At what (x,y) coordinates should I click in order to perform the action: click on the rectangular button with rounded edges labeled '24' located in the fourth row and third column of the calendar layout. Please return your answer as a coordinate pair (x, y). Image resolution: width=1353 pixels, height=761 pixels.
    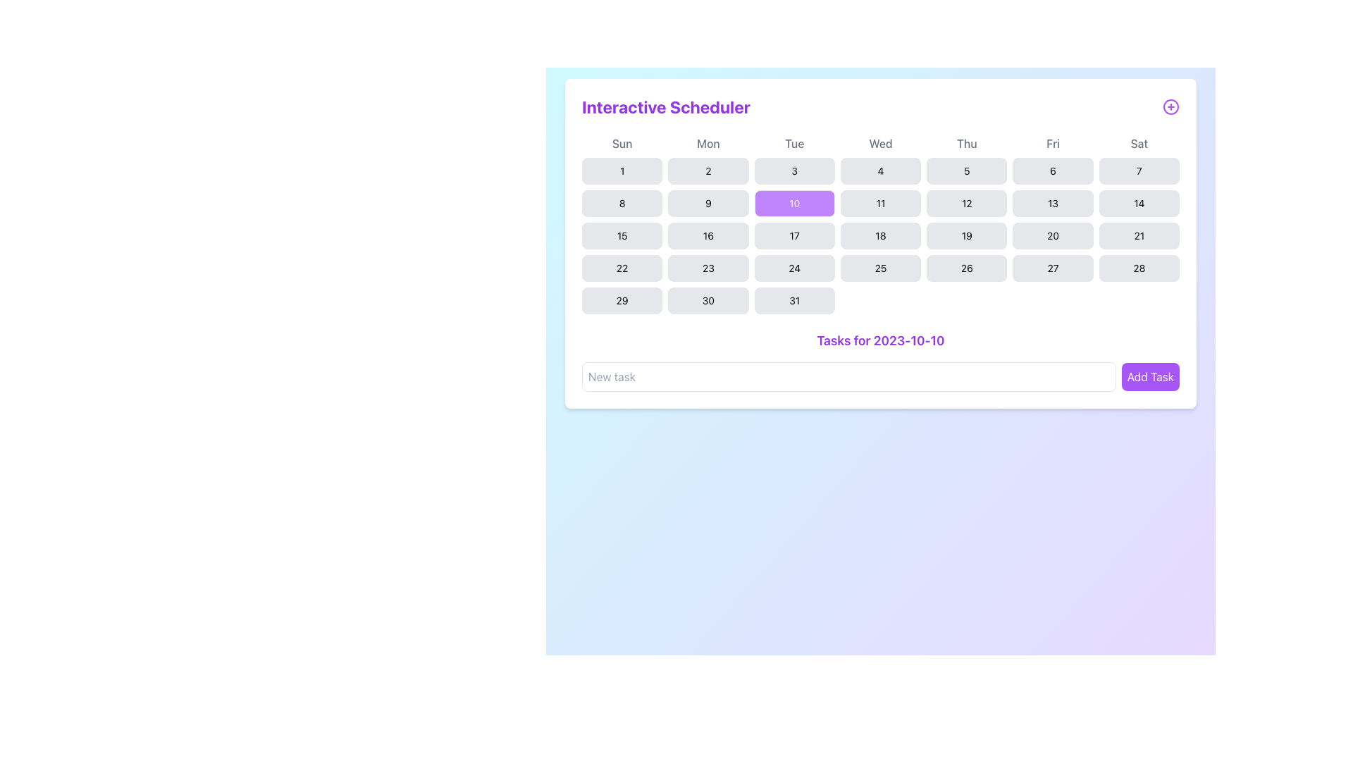
    Looking at the image, I should click on (794, 268).